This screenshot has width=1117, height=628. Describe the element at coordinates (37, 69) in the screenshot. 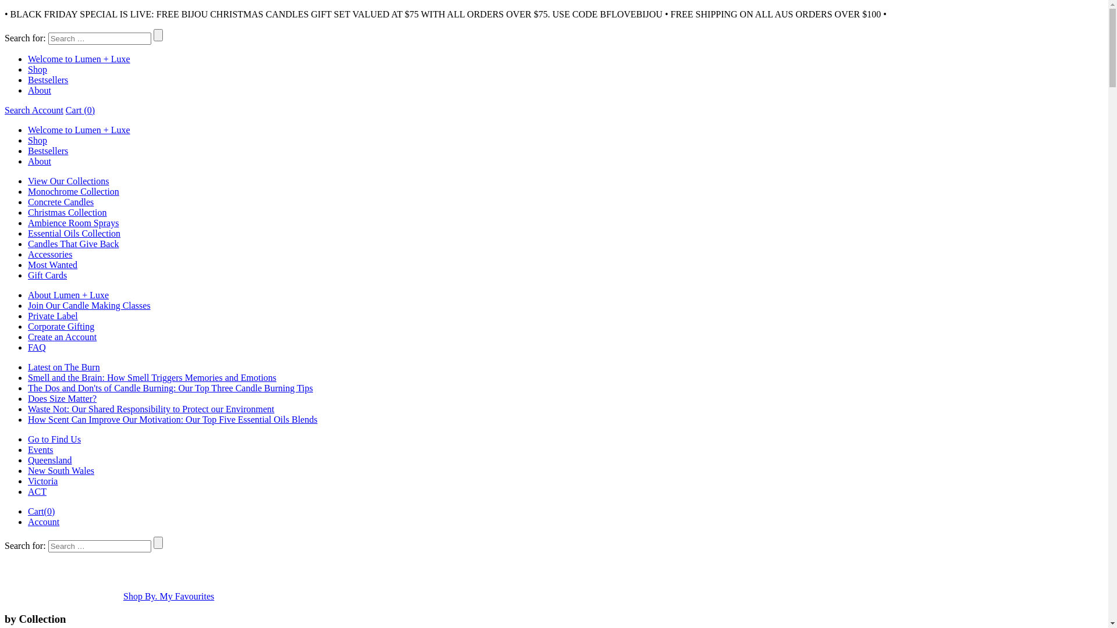

I see `'Shop'` at that location.